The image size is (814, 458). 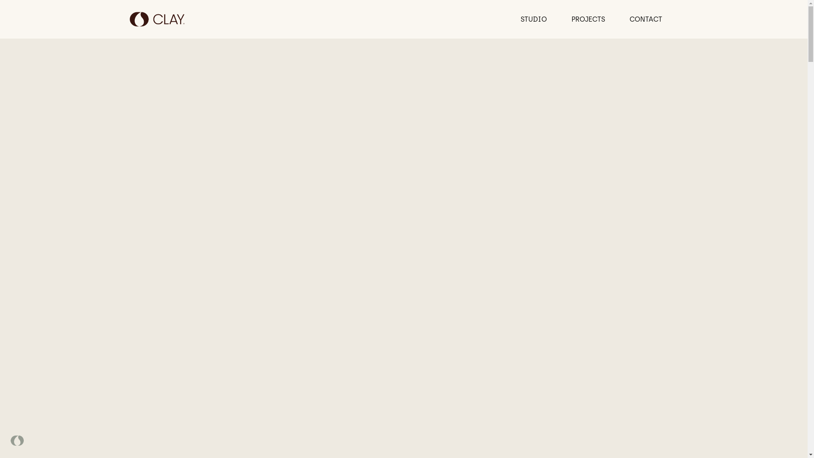 What do you see at coordinates (533, 19) in the screenshot?
I see `'STUDIO'` at bounding box center [533, 19].